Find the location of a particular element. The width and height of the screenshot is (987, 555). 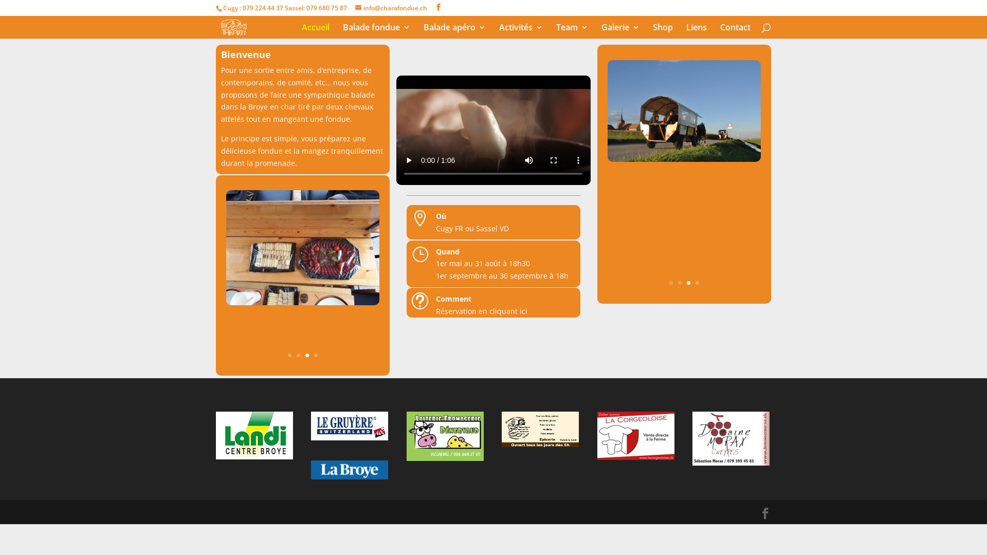

'Balade fondue' is located at coordinates (343, 30).